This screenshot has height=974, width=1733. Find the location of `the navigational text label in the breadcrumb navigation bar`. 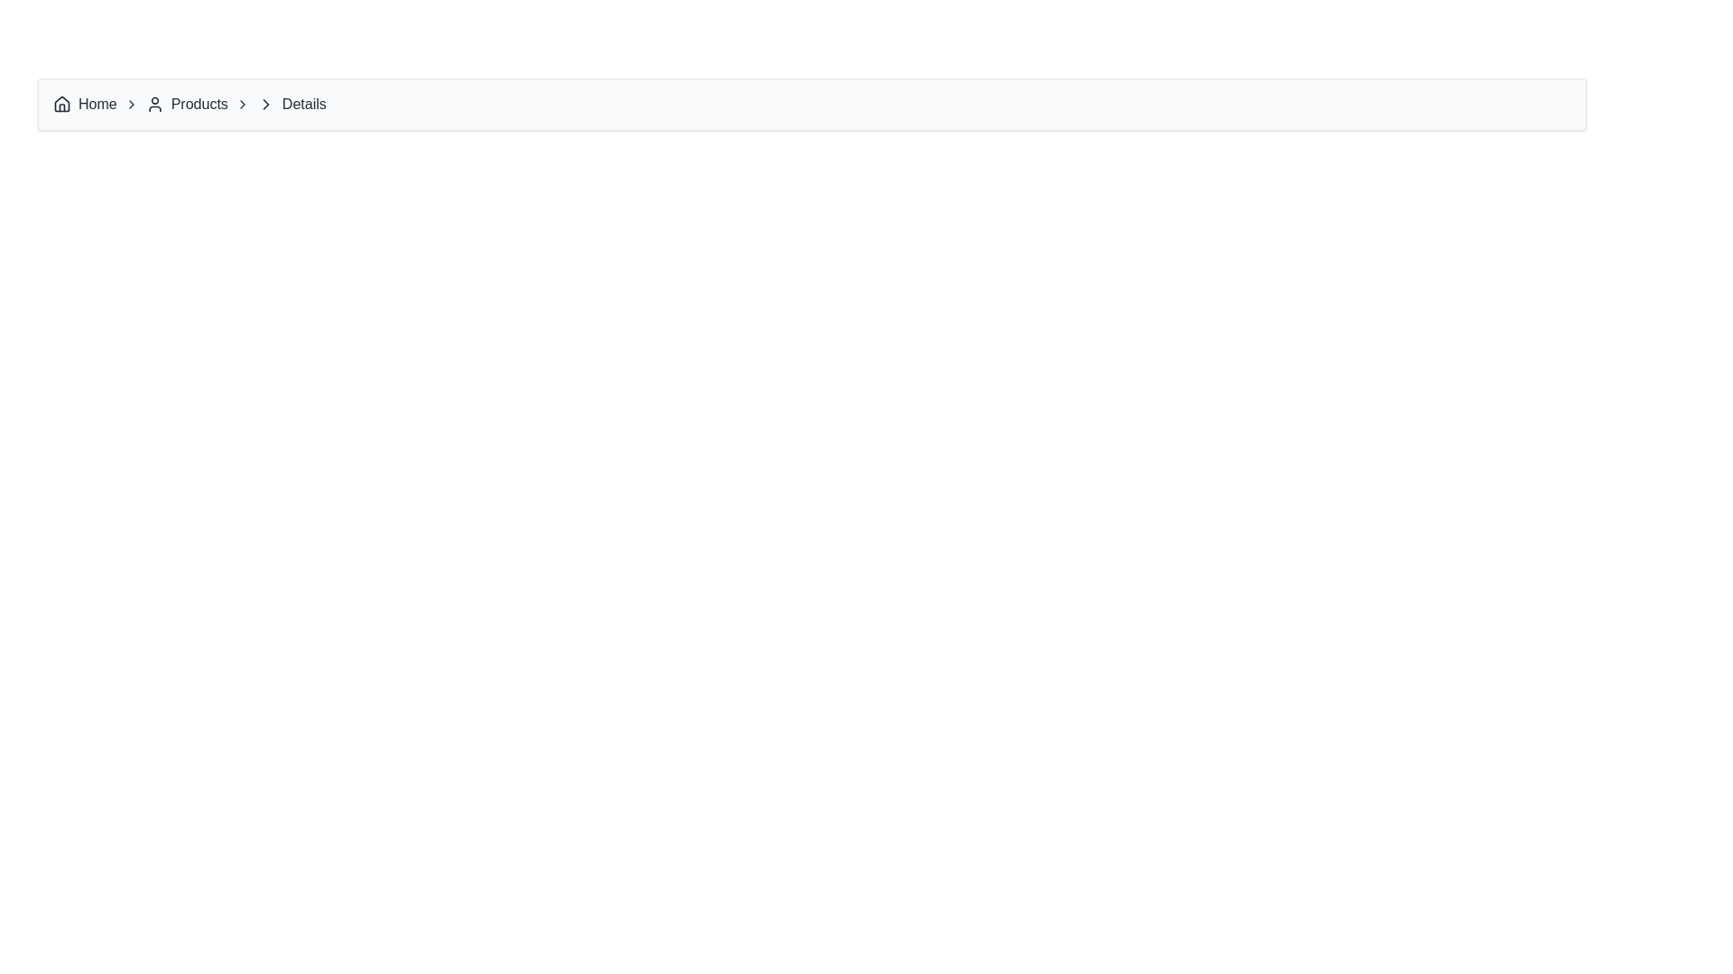

the navigational text label in the breadcrumb navigation bar is located at coordinates (97, 104).